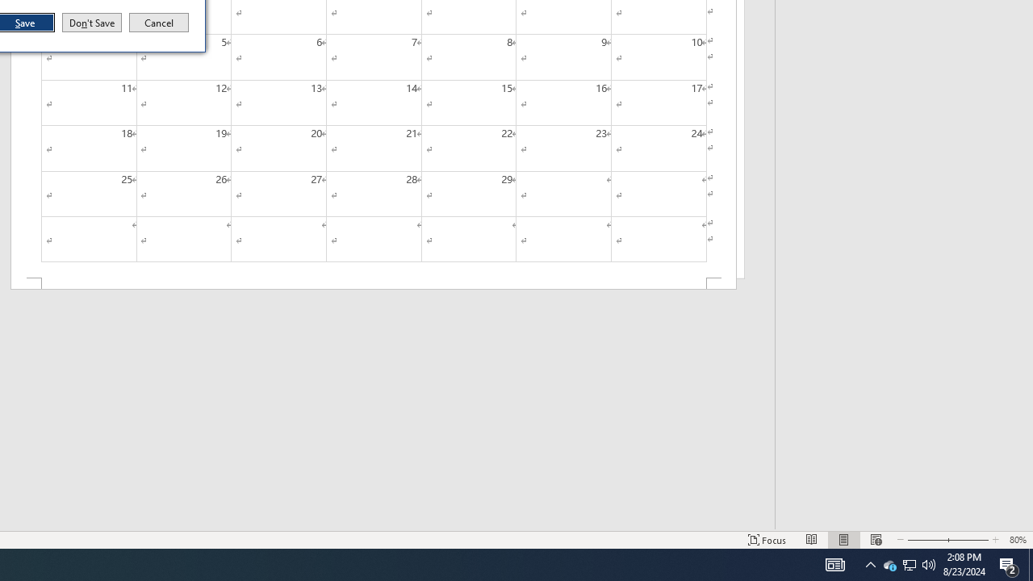 This screenshot has height=581, width=1033. What do you see at coordinates (965, 540) in the screenshot?
I see `'Zoom In'` at bounding box center [965, 540].